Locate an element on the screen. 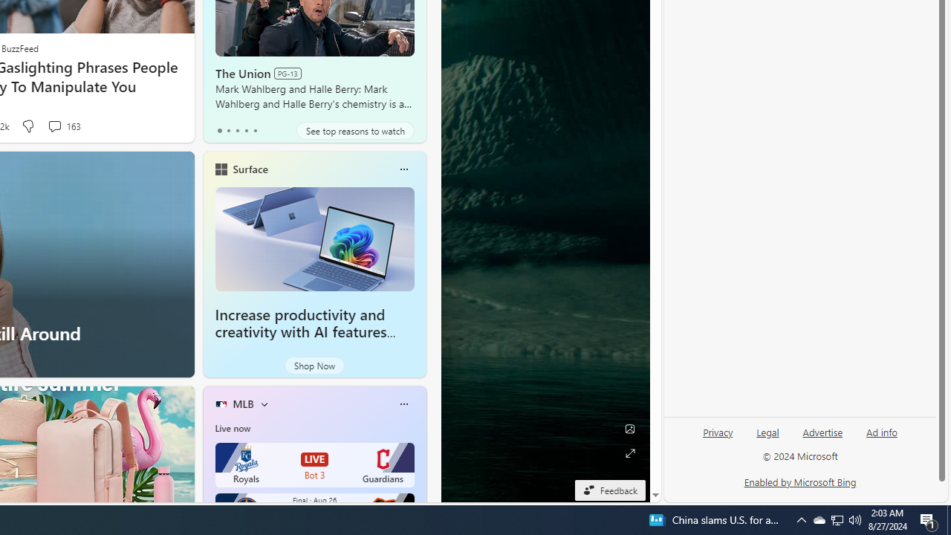  'Royals LIVE Bot 3 Guardians' is located at coordinates (314, 464).